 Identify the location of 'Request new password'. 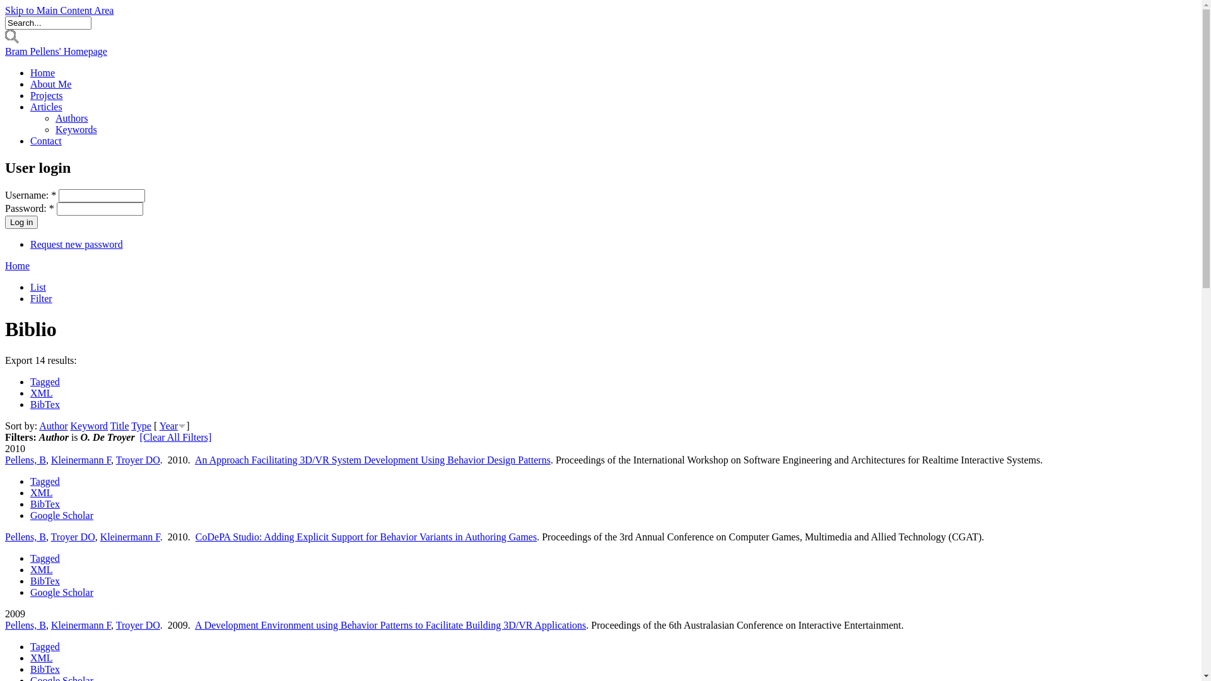
(76, 244).